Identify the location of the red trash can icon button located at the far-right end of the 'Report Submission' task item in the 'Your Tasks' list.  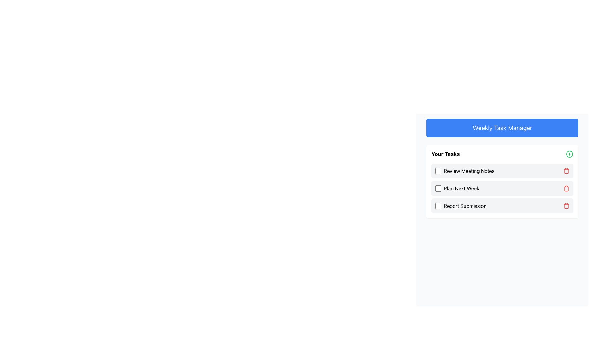
(566, 206).